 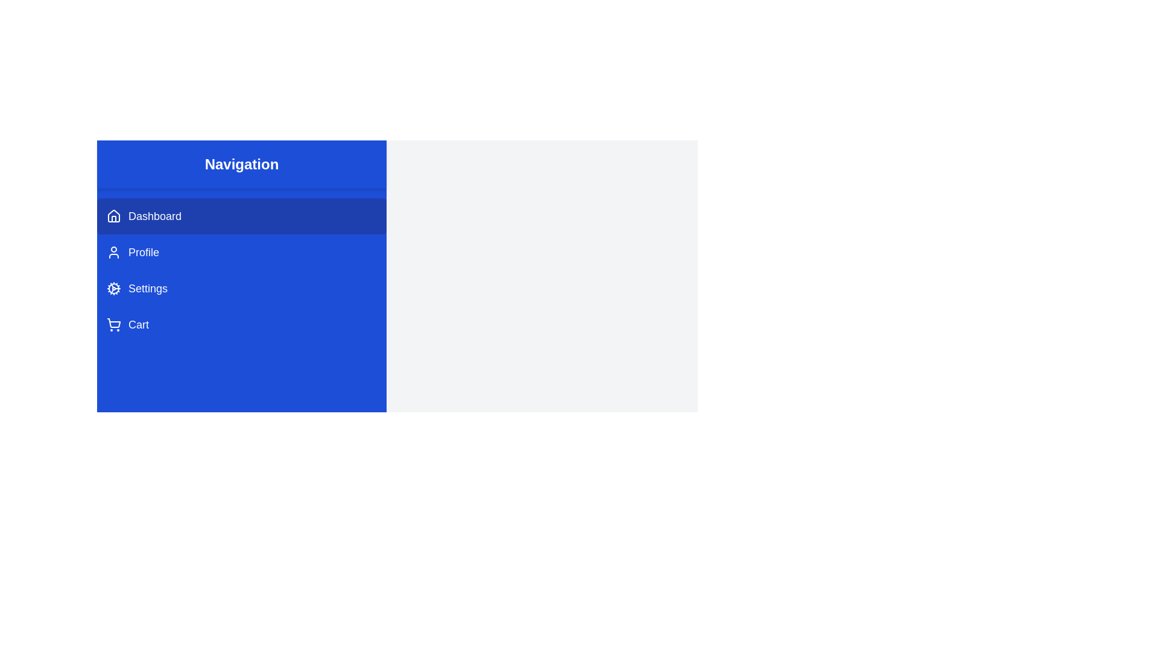 I want to click on the 'Profile' navigation button, which is the second button in the vertical navigation menu, so click(x=241, y=252).